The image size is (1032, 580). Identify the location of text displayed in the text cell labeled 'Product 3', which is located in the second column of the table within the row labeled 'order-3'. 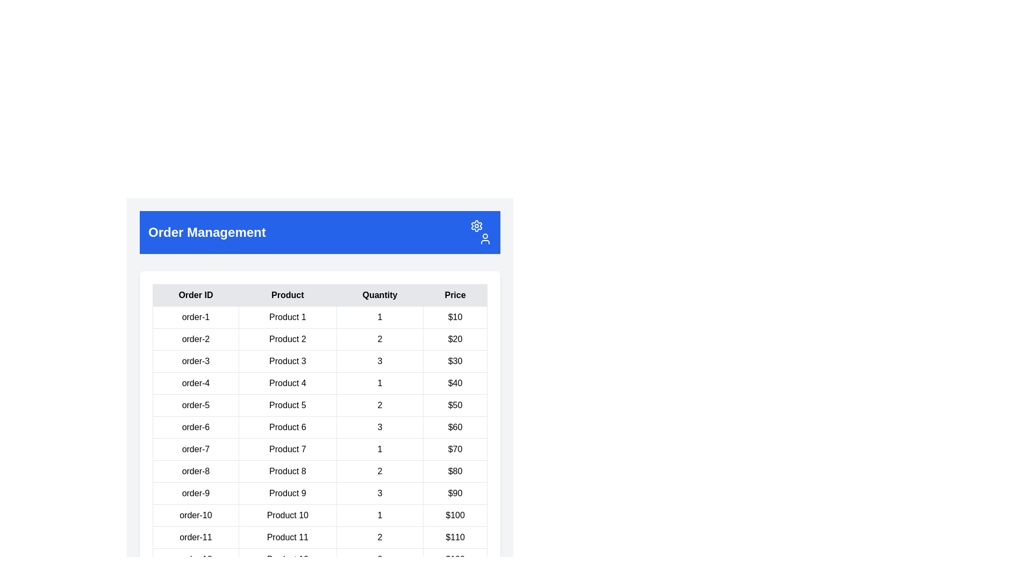
(288, 361).